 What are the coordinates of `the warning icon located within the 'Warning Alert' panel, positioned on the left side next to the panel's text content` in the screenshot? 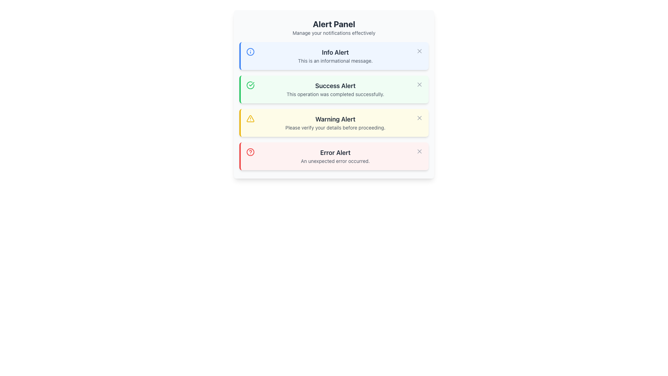 It's located at (250, 118).